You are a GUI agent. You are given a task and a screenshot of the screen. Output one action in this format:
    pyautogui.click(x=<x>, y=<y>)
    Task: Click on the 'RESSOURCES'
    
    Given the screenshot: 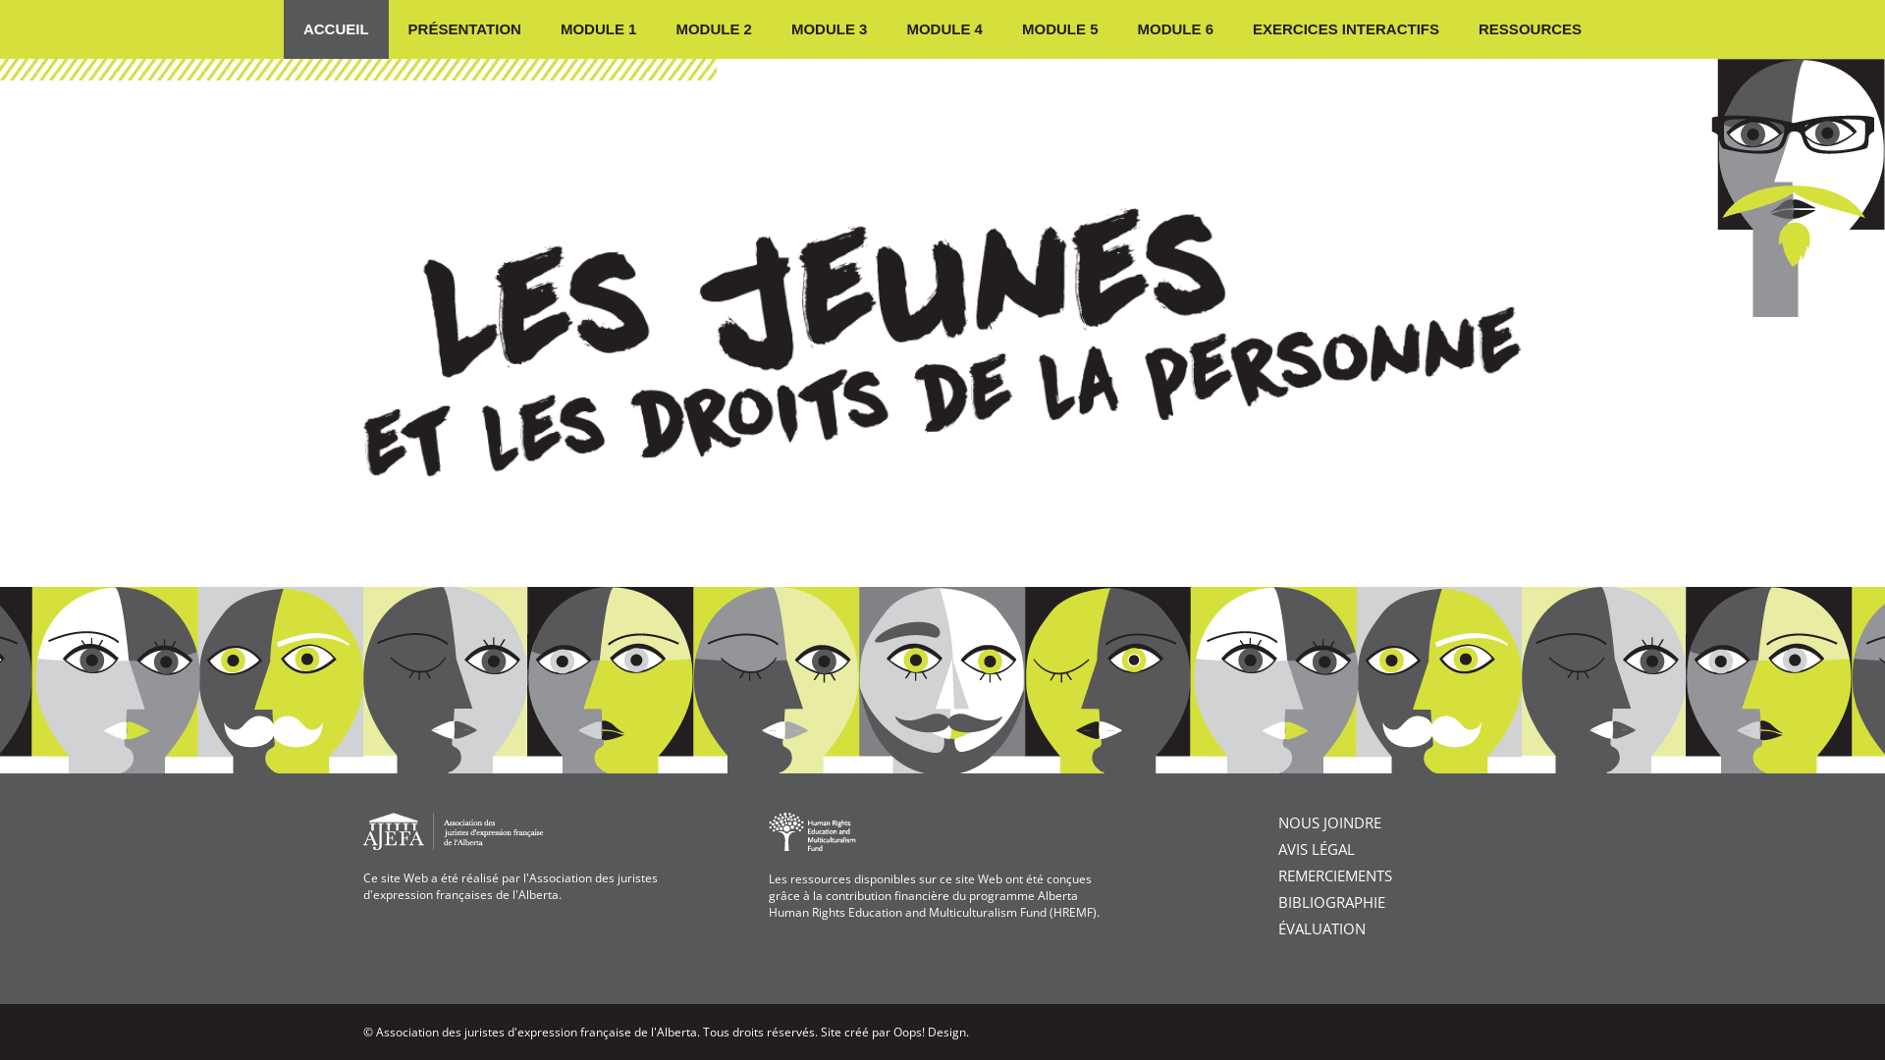 What is the action you would take?
    pyautogui.click(x=1459, y=29)
    